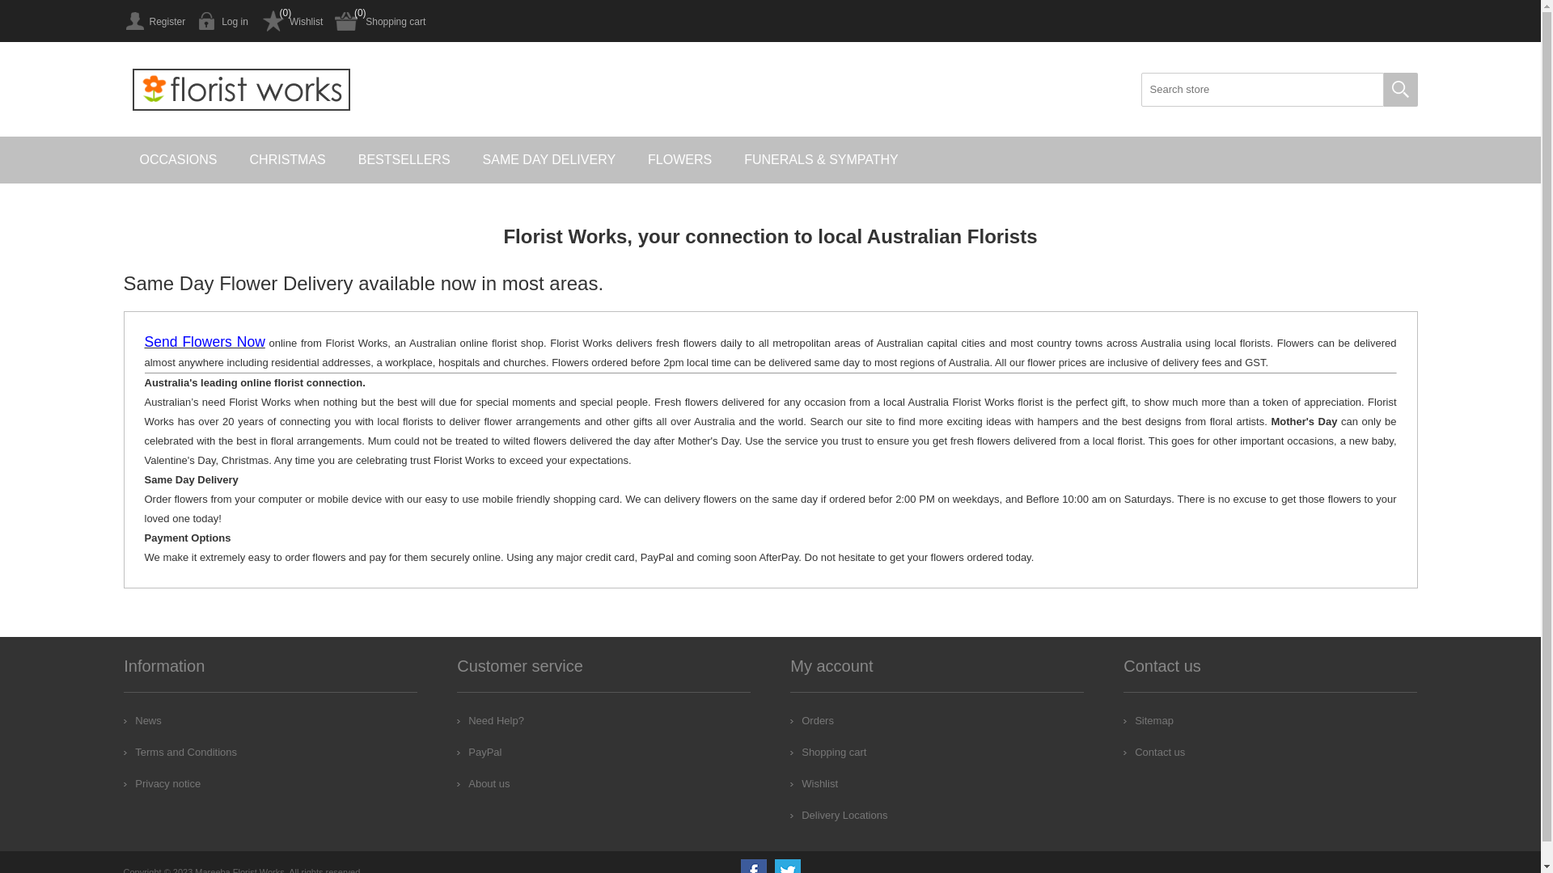  I want to click on 'CHRISTMAS', so click(287, 159).